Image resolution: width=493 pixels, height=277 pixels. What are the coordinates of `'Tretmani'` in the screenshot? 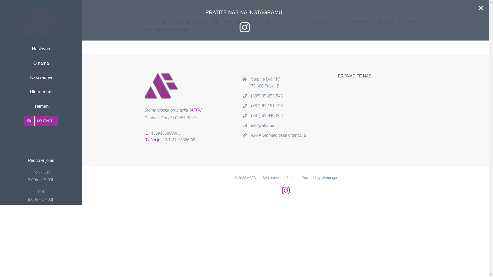 It's located at (41, 106).